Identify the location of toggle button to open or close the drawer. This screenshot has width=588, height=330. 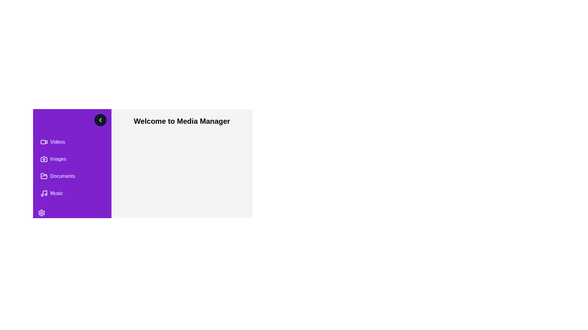
(100, 120).